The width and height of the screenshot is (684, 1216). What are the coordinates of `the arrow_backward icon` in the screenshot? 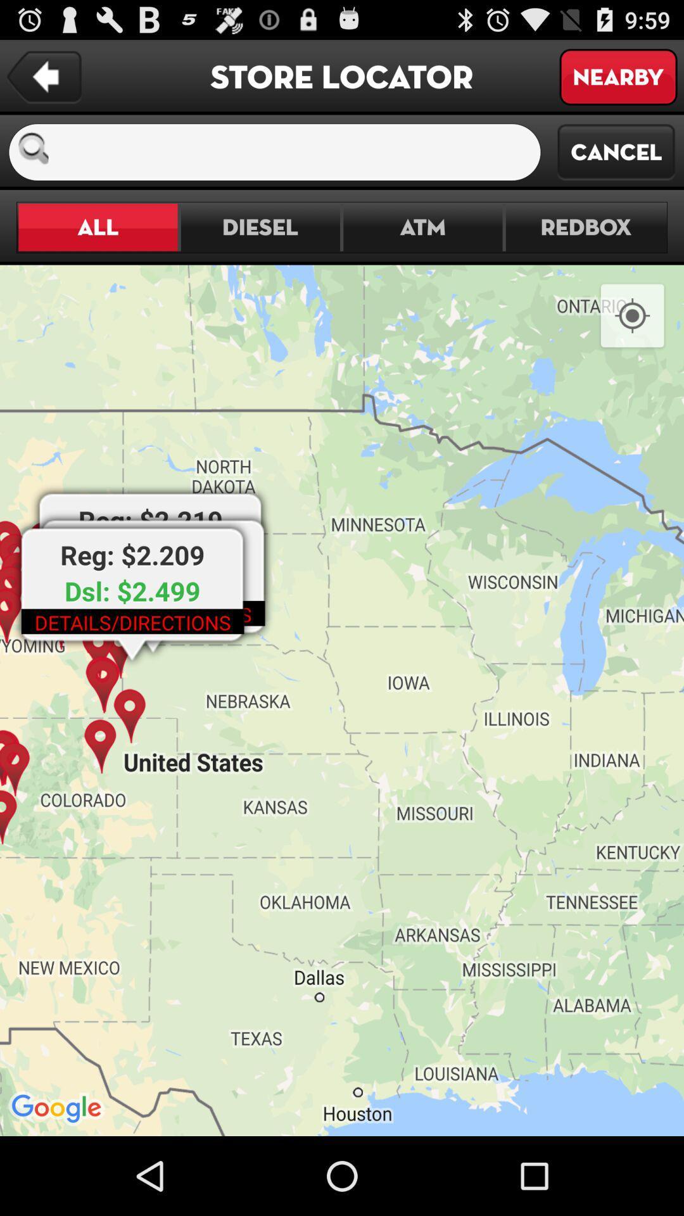 It's located at (43, 82).